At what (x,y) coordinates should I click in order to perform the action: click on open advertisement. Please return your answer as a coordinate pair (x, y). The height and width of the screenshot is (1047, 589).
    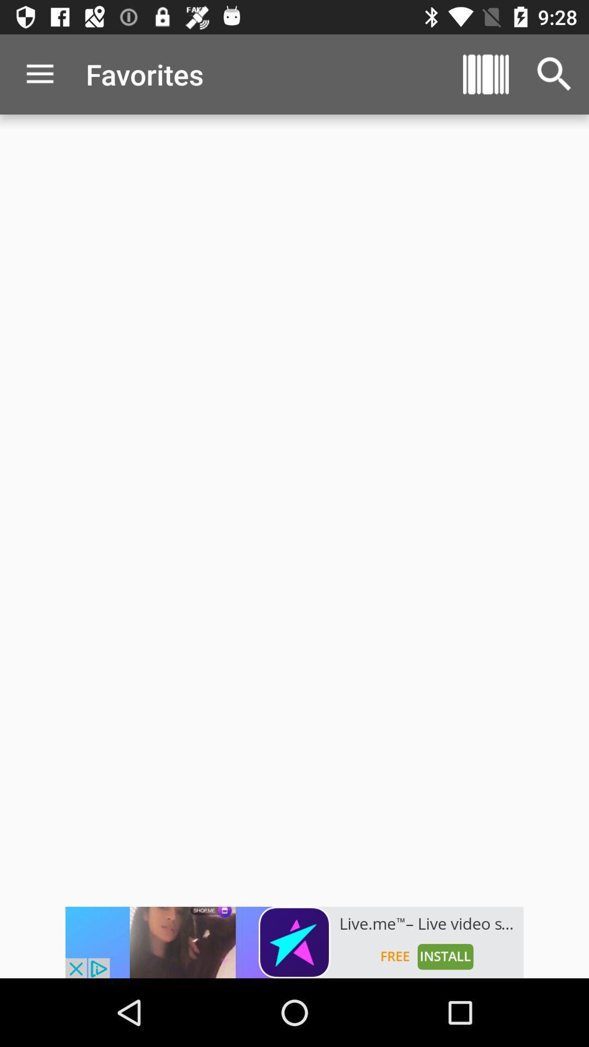
    Looking at the image, I should click on (294, 942).